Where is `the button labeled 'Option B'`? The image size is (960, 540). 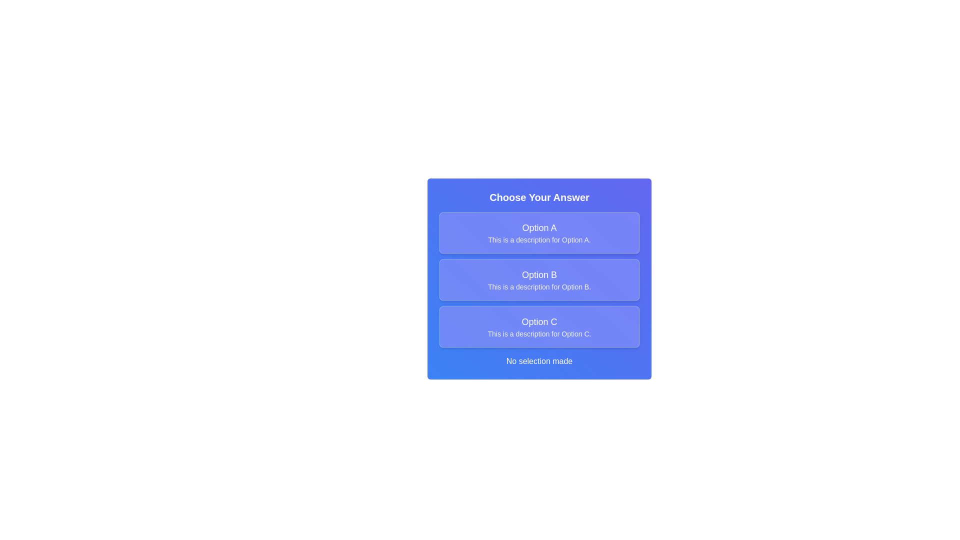 the button labeled 'Option B' is located at coordinates (539, 279).